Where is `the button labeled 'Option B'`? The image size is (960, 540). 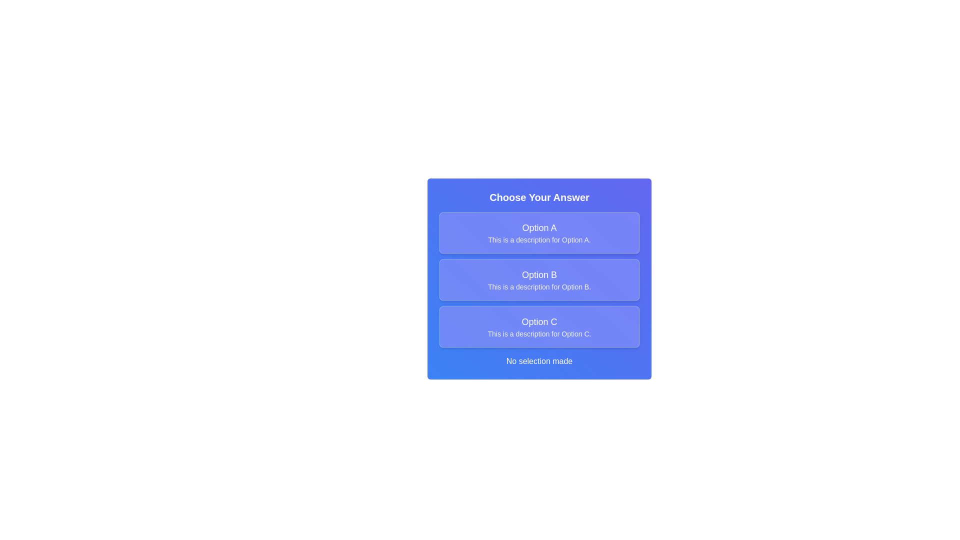 the button labeled 'Option B' is located at coordinates (539, 279).